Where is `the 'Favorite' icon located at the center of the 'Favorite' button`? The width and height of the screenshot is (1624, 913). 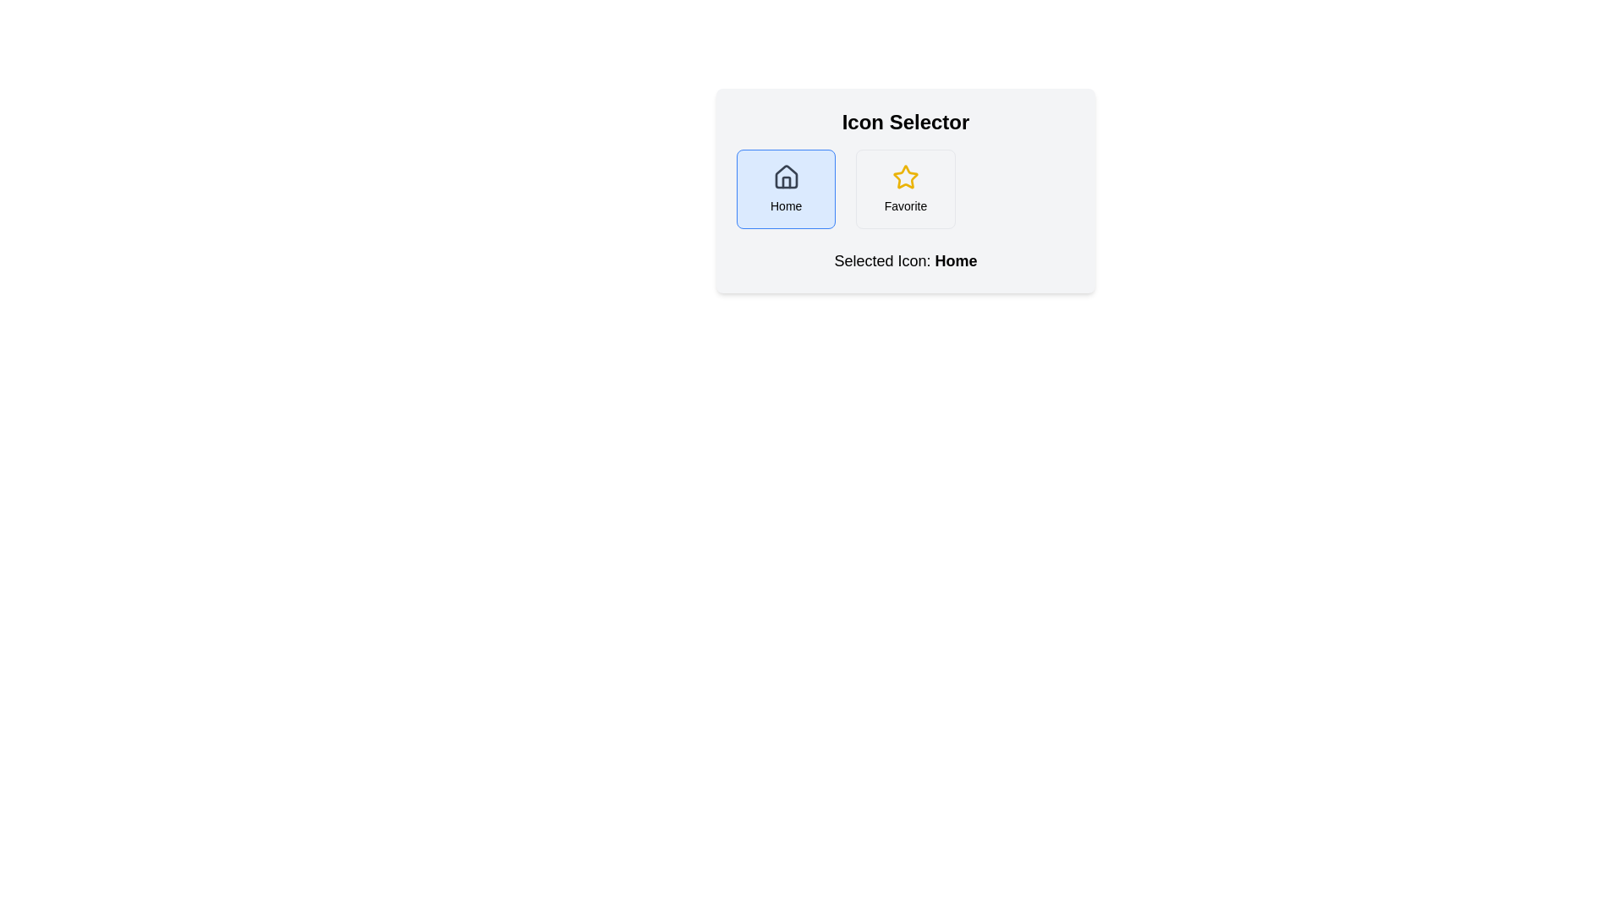 the 'Favorite' icon located at the center of the 'Favorite' button is located at coordinates (904, 177).